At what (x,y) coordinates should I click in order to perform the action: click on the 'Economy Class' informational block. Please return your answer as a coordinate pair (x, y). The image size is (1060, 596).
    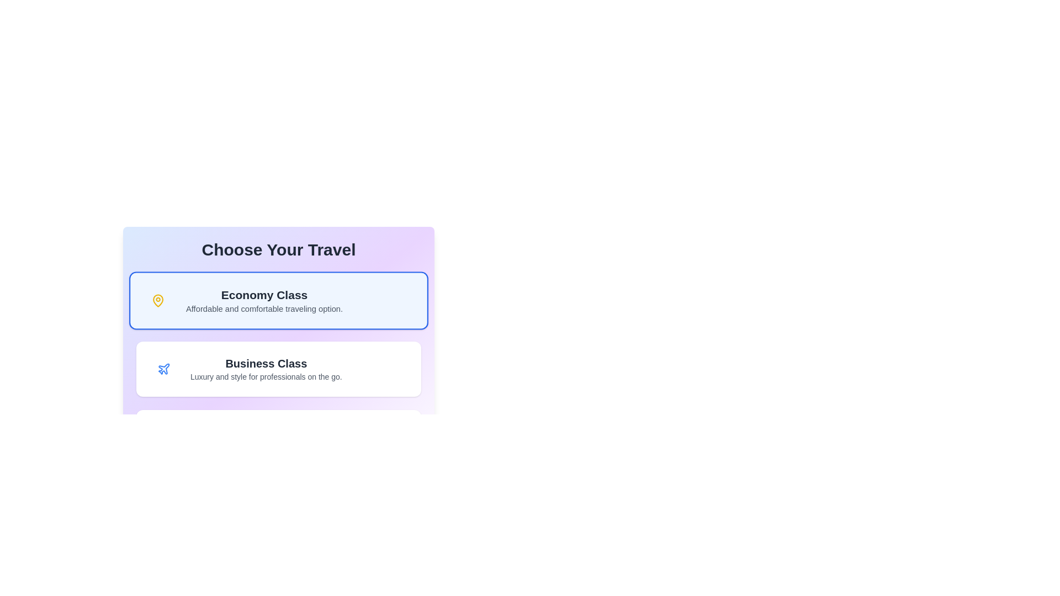
    Looking at the image, I should click on (264, 300).